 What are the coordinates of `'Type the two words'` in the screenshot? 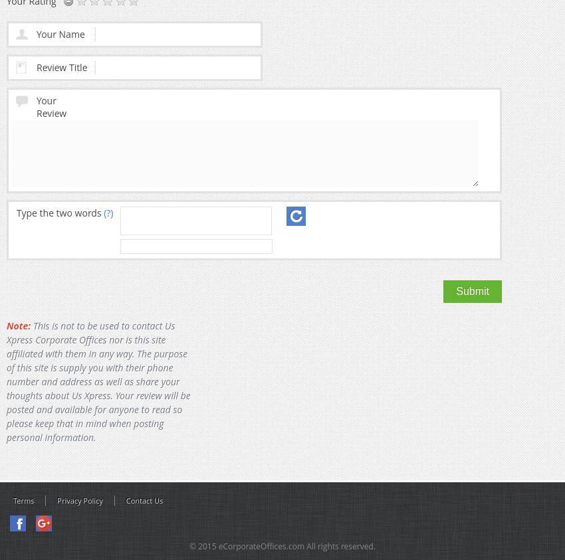 It's located at (59, 212).